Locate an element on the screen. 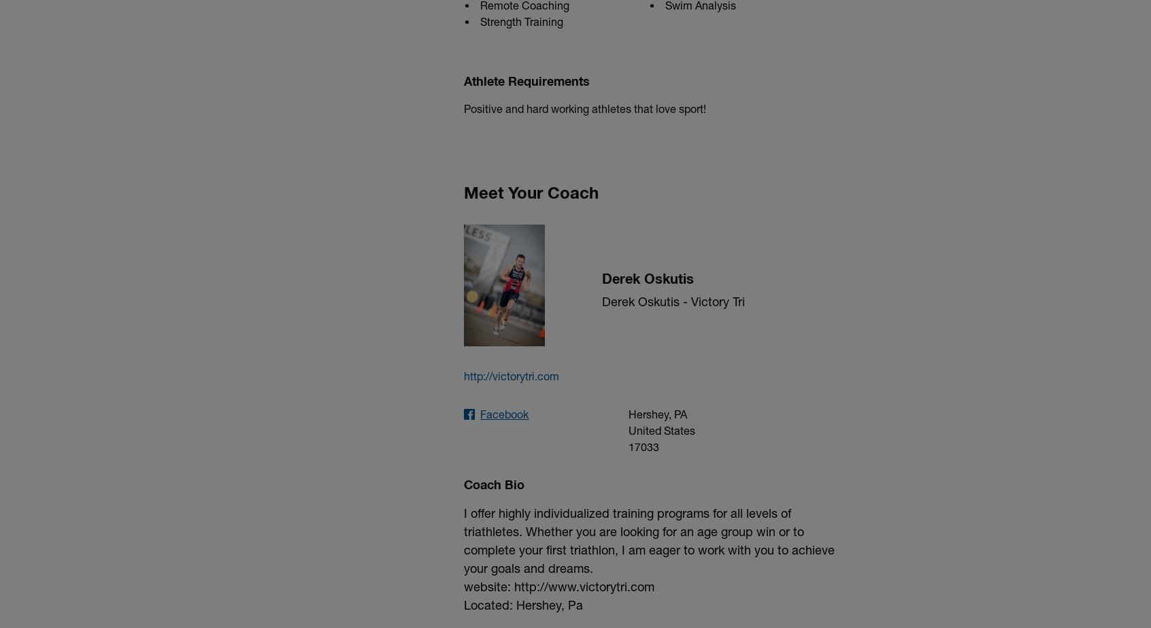  'Hershey, PA' is located at coordinates (656, 412).